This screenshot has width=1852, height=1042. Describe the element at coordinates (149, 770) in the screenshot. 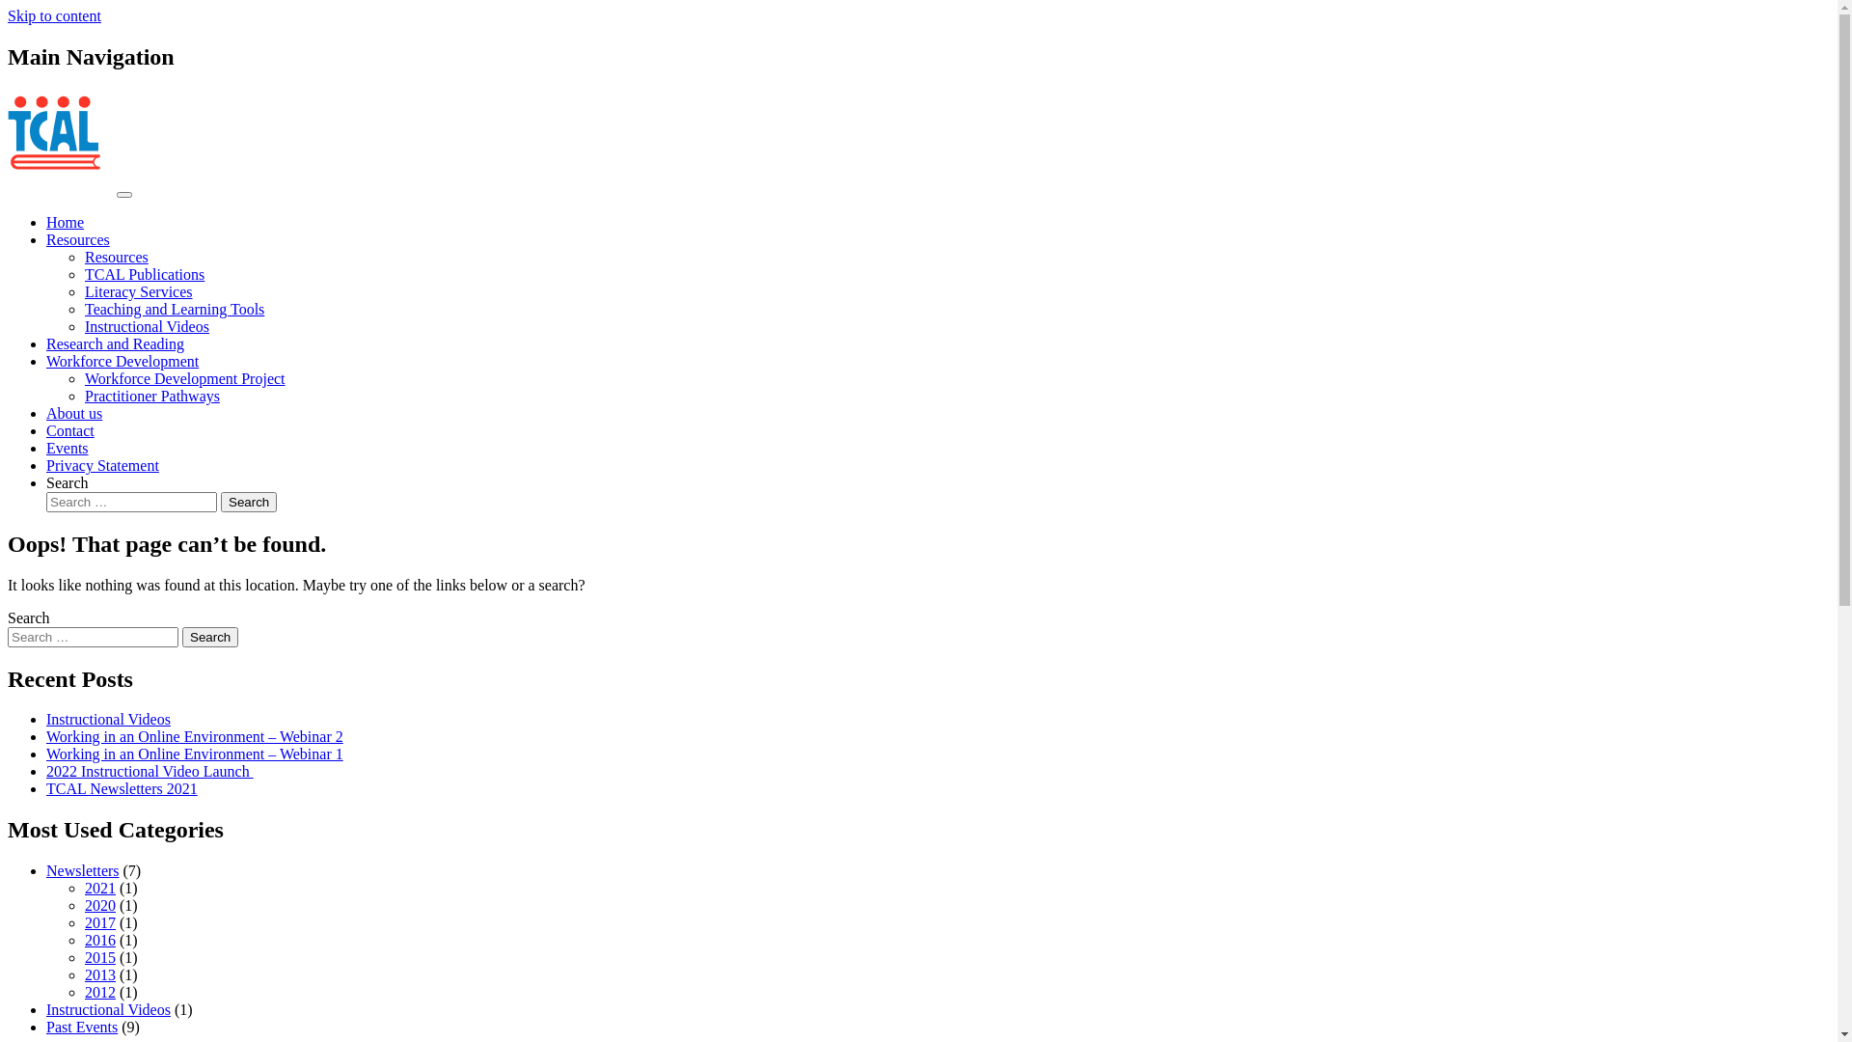

I see `'2022 Instructional Video Launch '` at that location.